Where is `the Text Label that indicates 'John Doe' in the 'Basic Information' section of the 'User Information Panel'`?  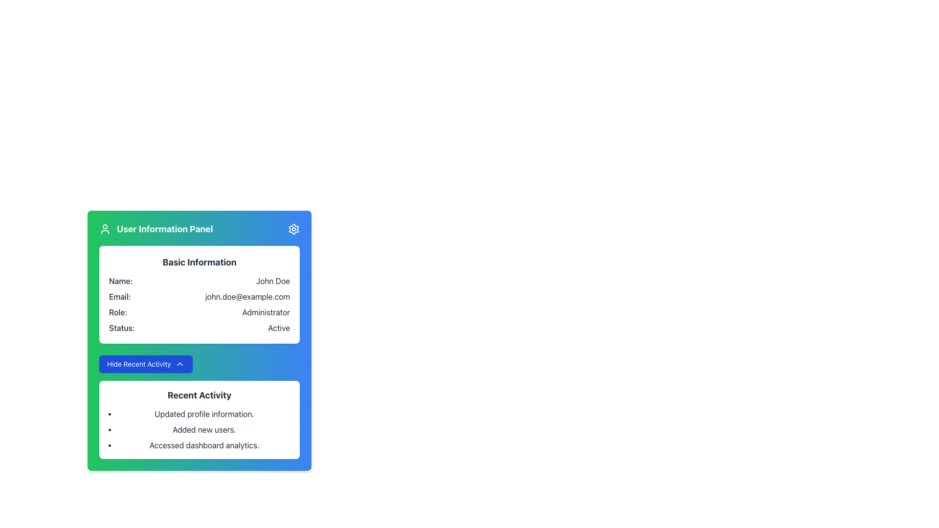
the Text Label that indicates 'John Doe' in the 'Basic Information' section of the 'User Information Panel' is located at coordinates (120, 281).